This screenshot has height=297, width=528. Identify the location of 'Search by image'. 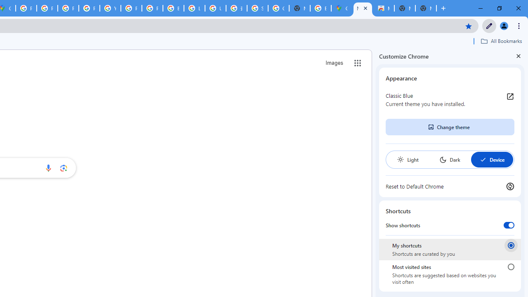
(63, 167).